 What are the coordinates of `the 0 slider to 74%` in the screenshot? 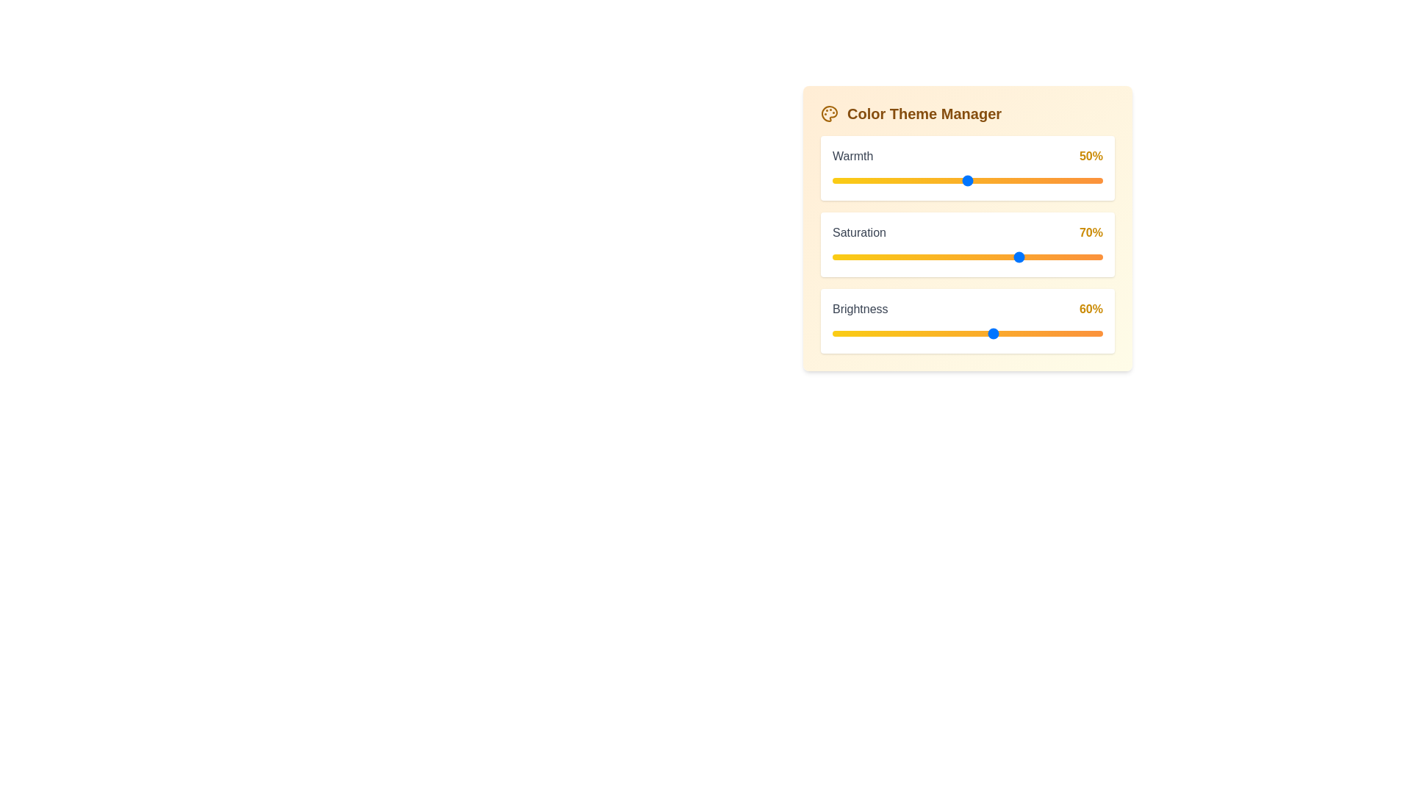 It's located at (1032, 180).